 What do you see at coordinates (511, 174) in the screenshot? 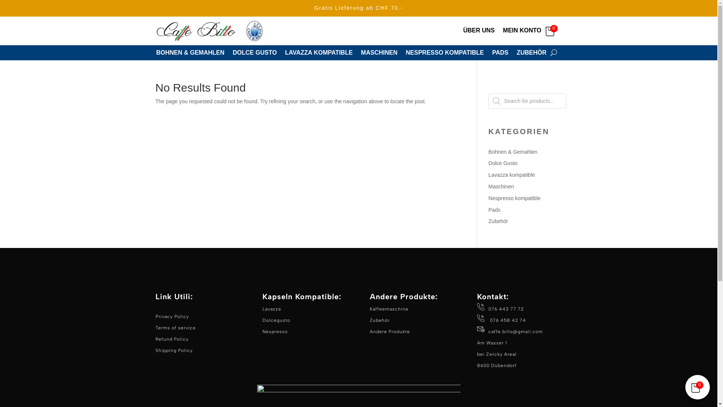
I see `'Lavazza kompatible'` at bounding box center [511, 174].